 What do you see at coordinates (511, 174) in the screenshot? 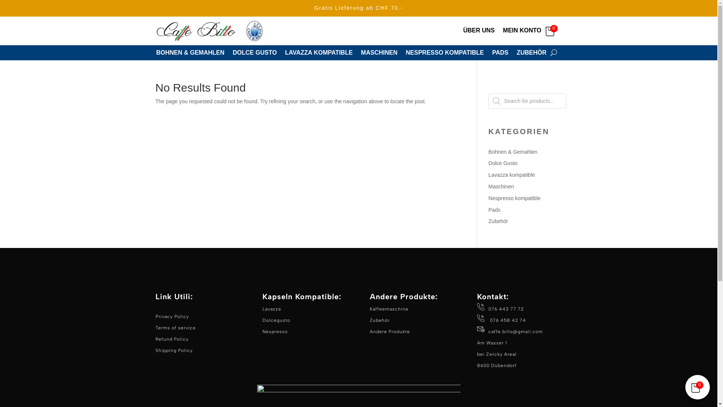
I see `'Lavazza kompatible'` at bounding box center [511, 174].